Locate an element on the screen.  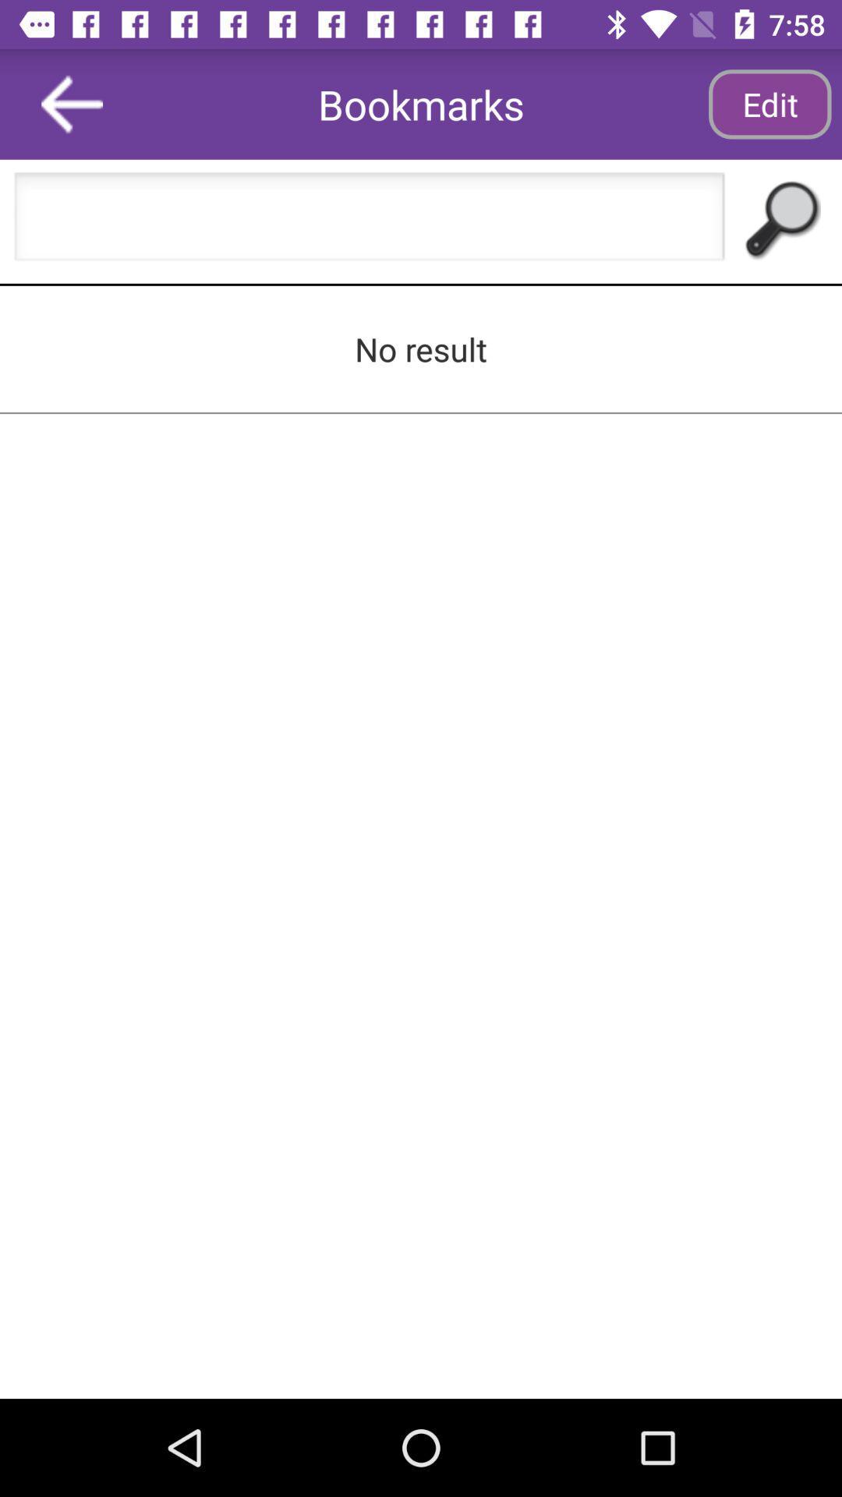
the no result is located at coordinates (421, 348).